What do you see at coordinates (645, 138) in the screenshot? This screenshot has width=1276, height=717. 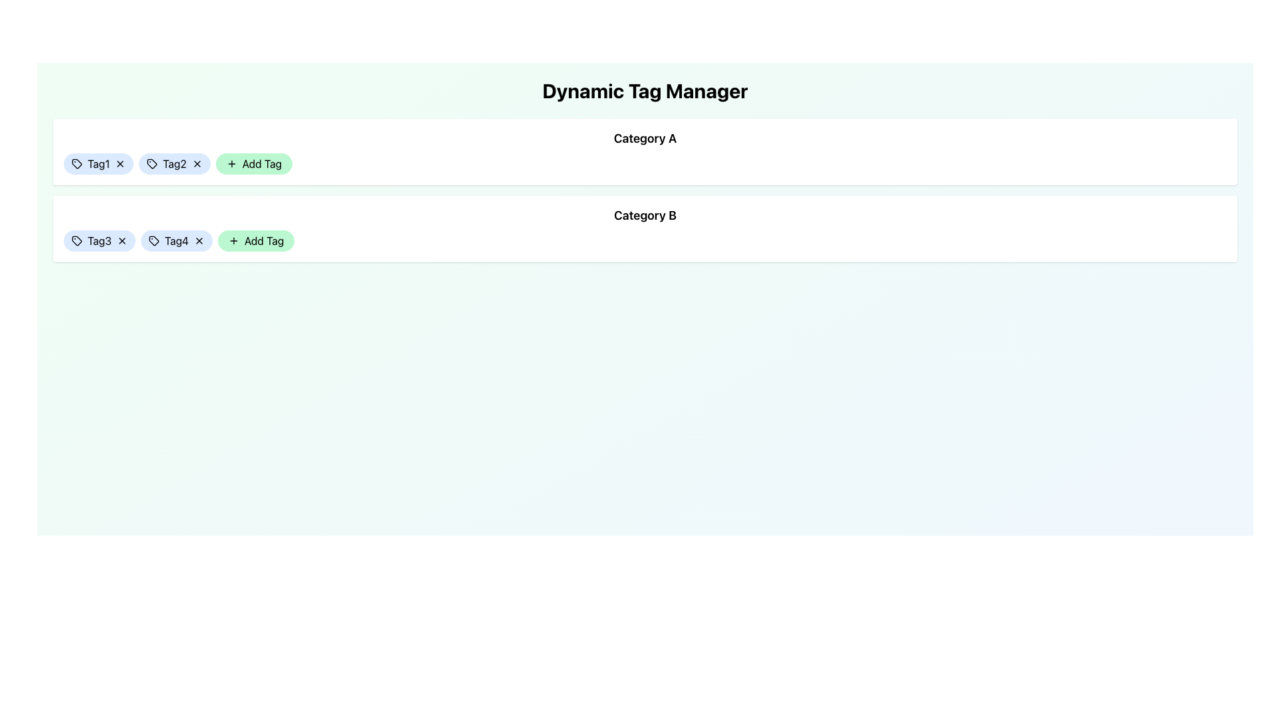 I see `the Static Text Label that serves as the title for the 'Dynamic Tag Manager' section, indicating the category associated with the tags and actions contained within` at bounding box center [645, 138].